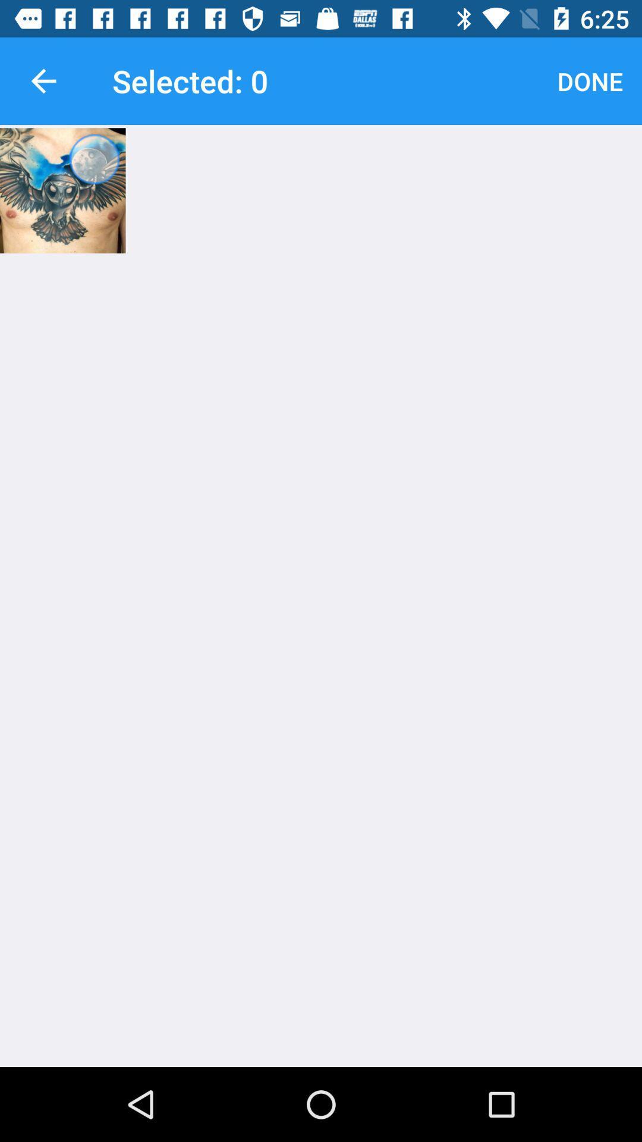  Describe the element at coordinates (43, 80) in the screenshot. I see `the icon to the left of selected: 0` at that location.